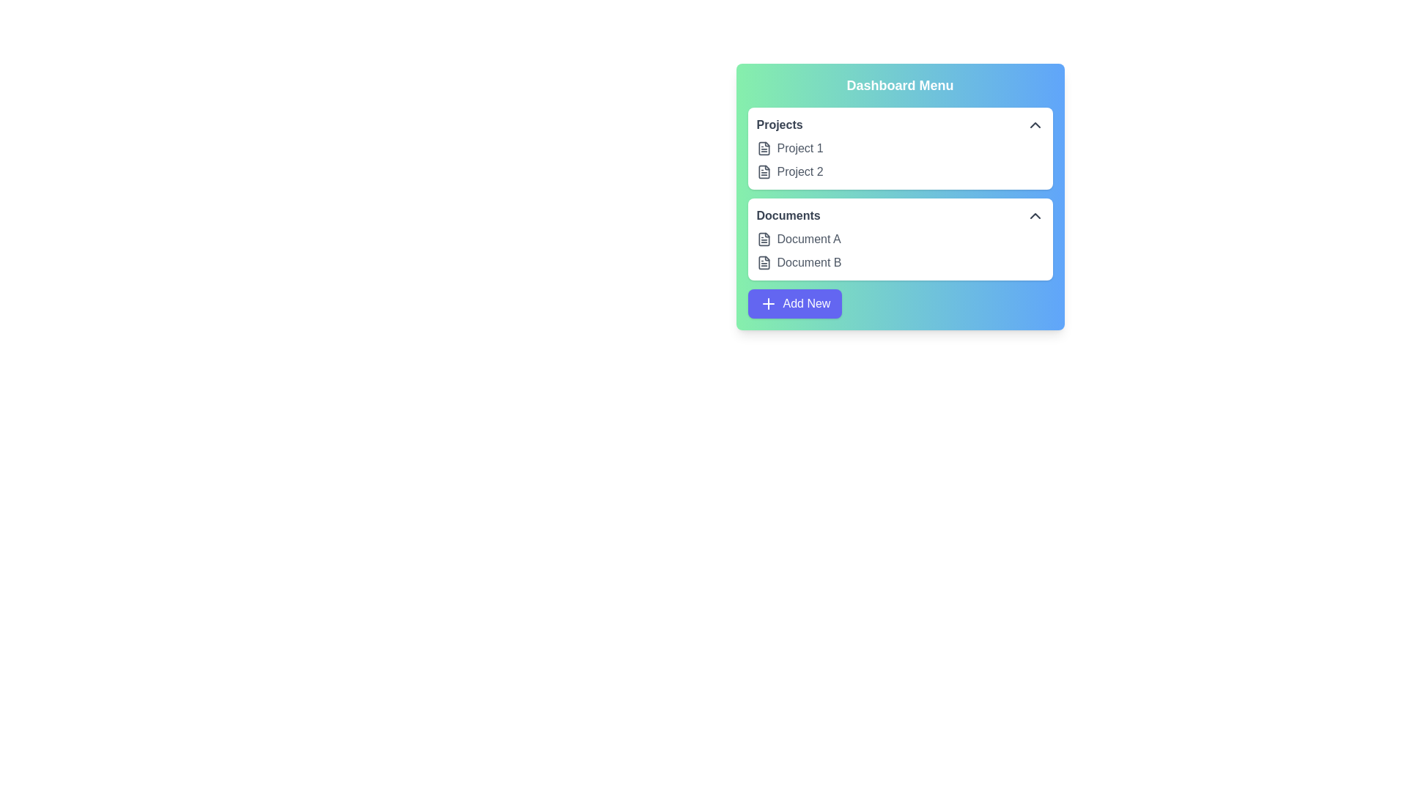  I want to click on the file named Project 1 in the list, so click(763, 149).